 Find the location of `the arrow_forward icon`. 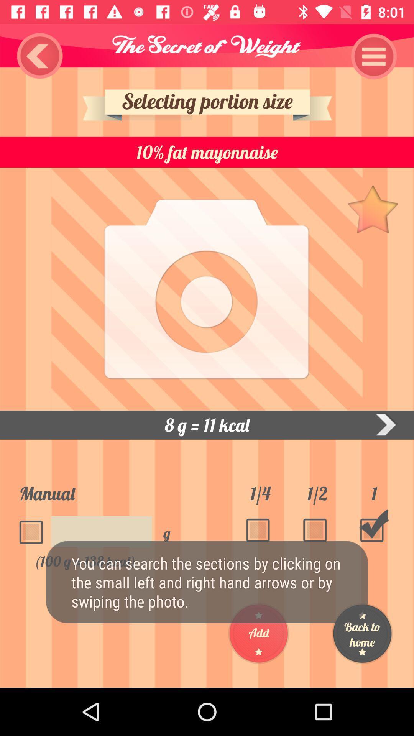

the arrow_forward icon is located at coordinates (386, 424).